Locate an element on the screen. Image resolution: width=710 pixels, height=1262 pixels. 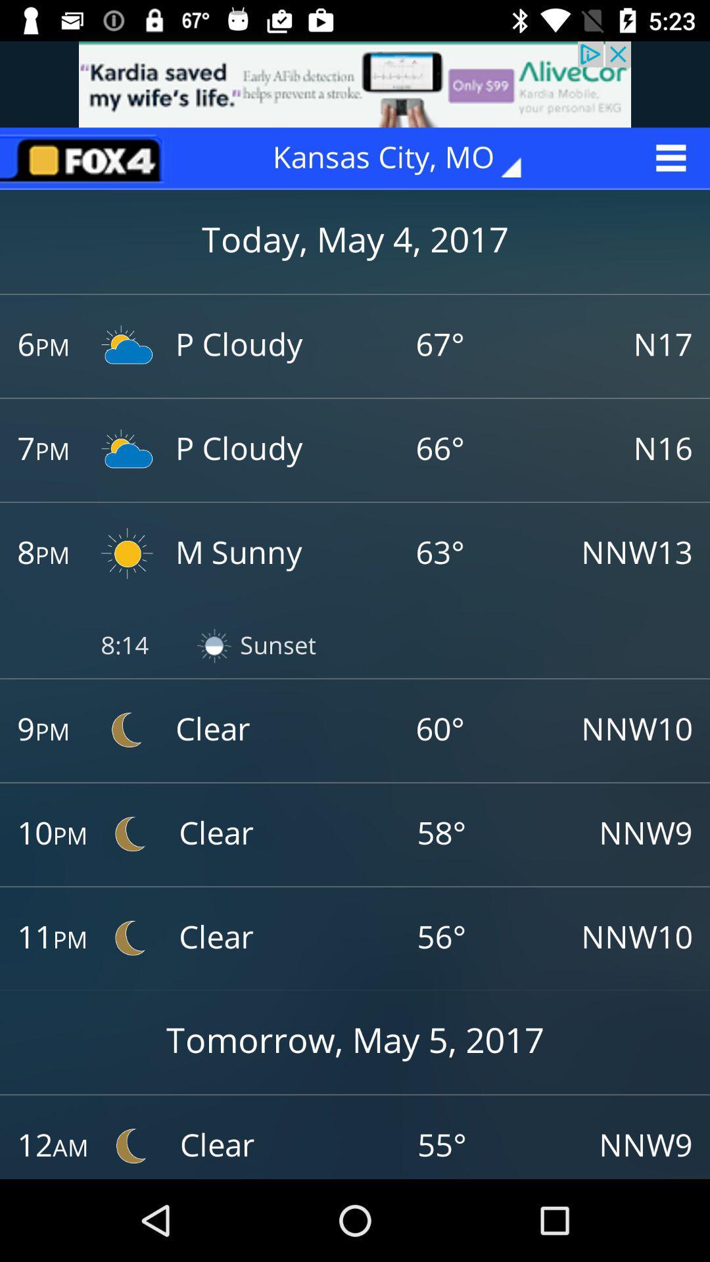
advertisement is located at coordinates (355, 83).